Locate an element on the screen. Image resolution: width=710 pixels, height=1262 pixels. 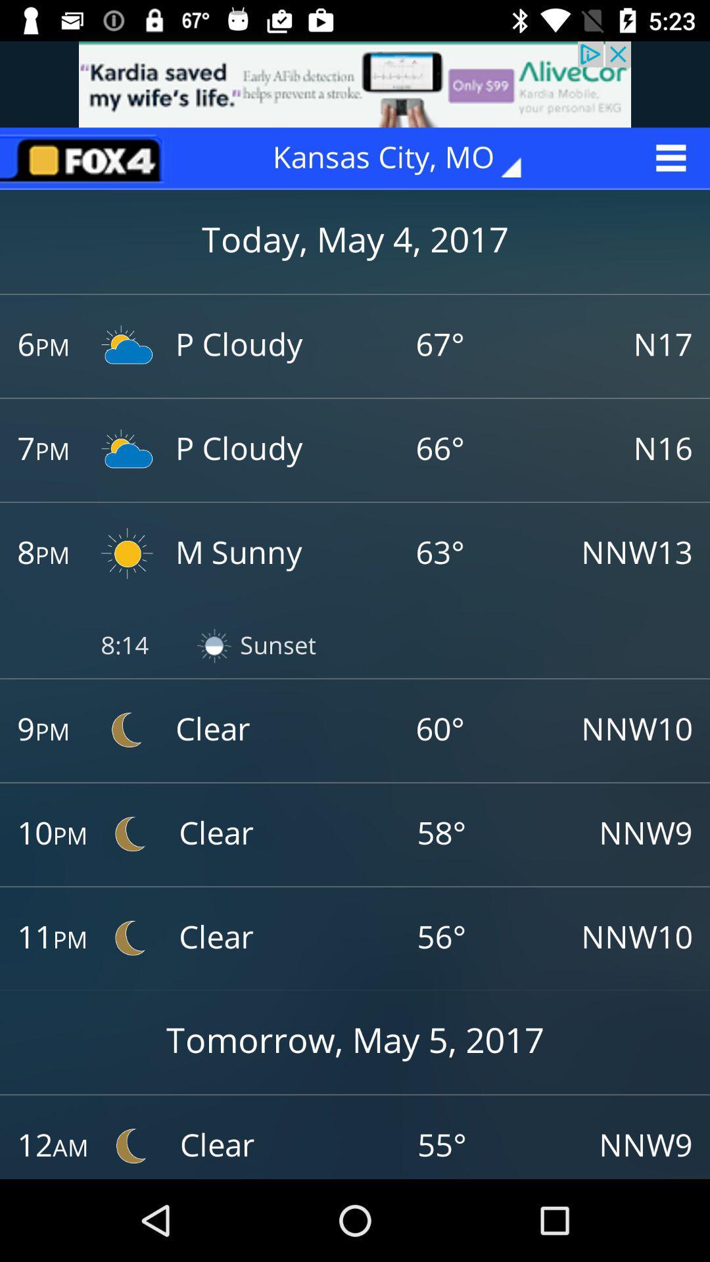
advertisement is located at coordinates (355, 83).